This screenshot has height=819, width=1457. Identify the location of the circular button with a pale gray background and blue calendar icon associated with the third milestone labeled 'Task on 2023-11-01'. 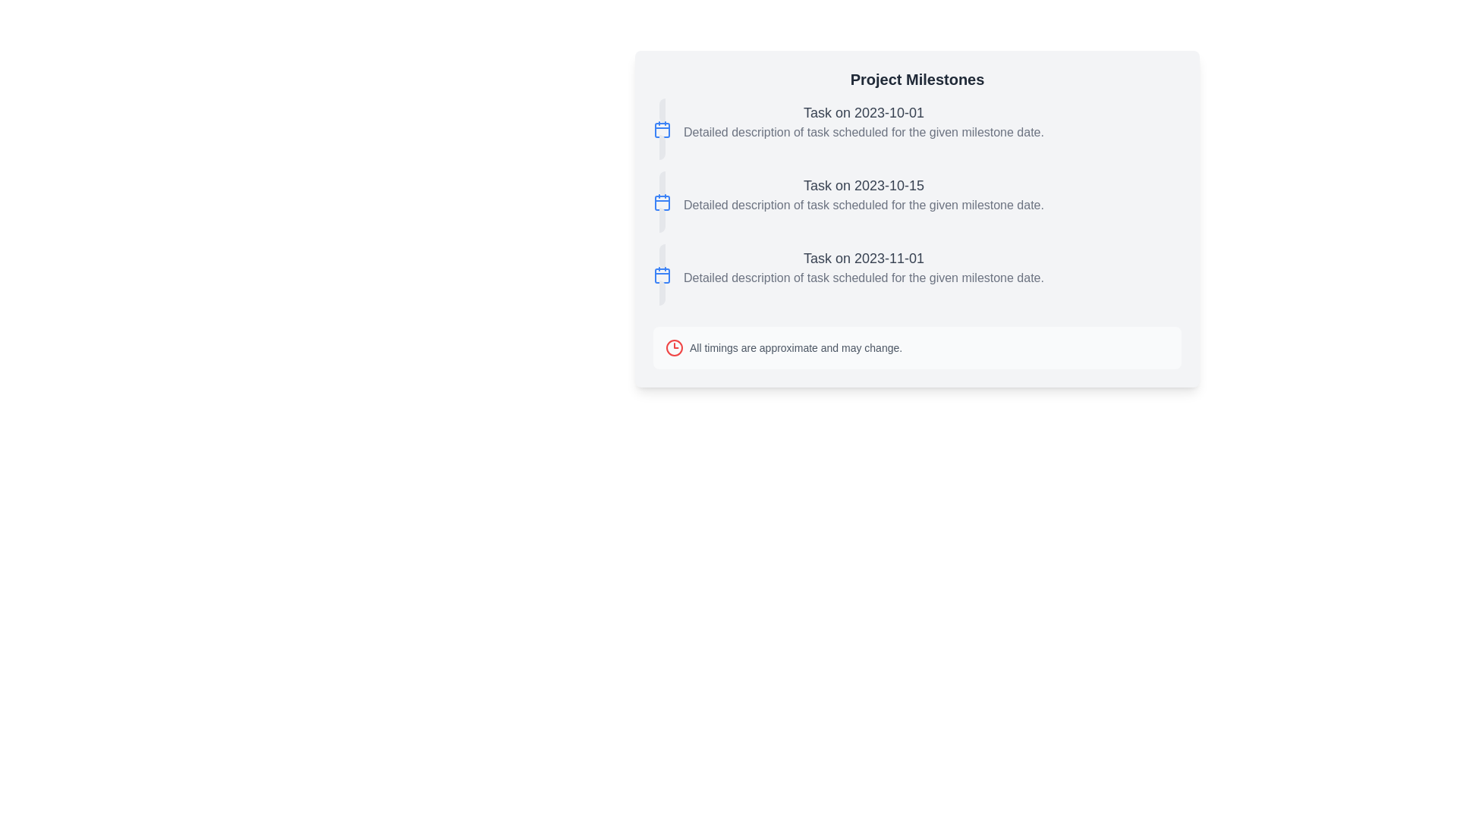
(662, 275).